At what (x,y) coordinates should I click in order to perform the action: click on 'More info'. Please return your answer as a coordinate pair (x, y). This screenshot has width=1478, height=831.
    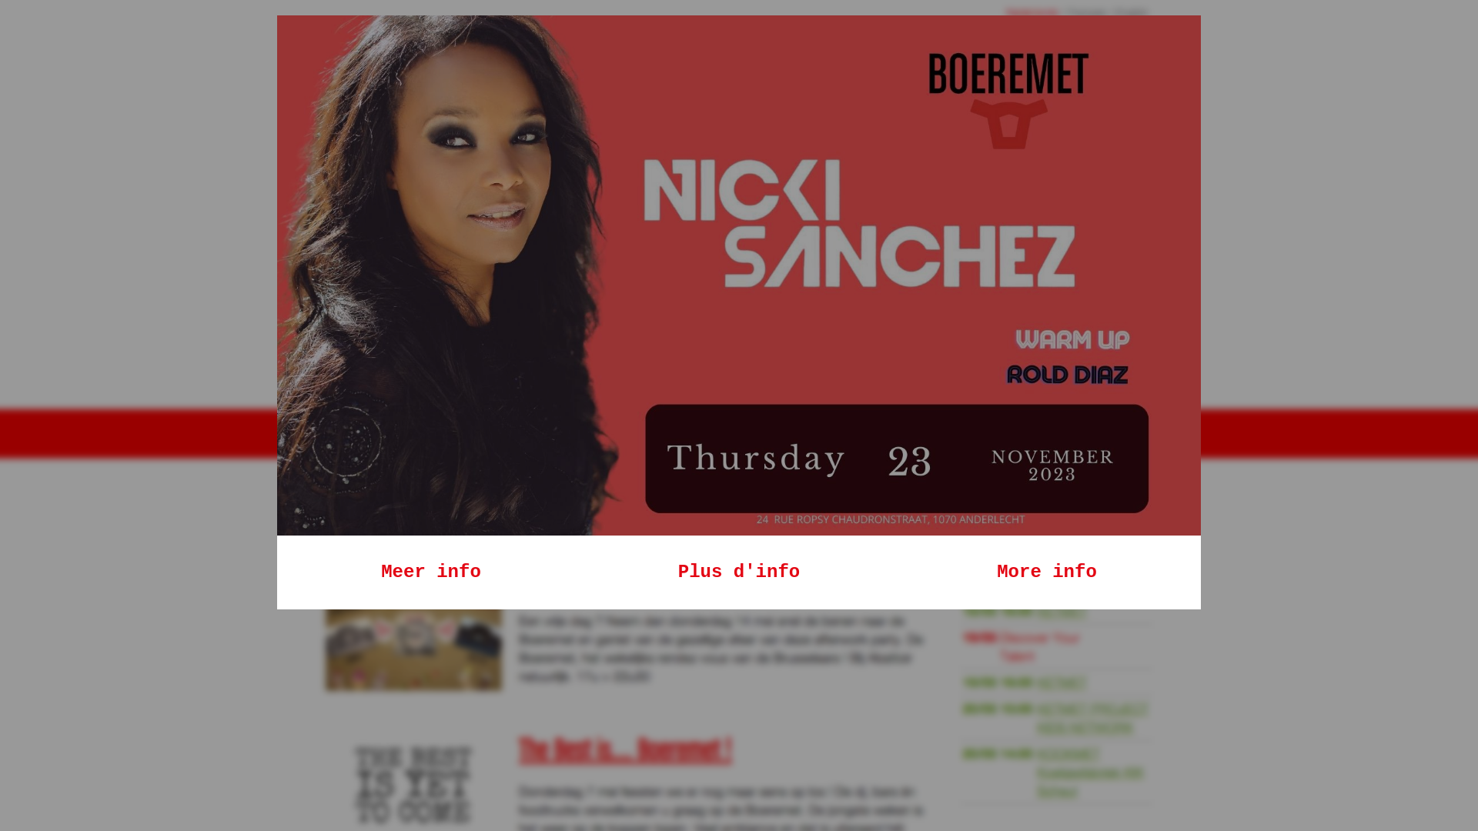
    Looking at the image, I should click on (1046, 572).